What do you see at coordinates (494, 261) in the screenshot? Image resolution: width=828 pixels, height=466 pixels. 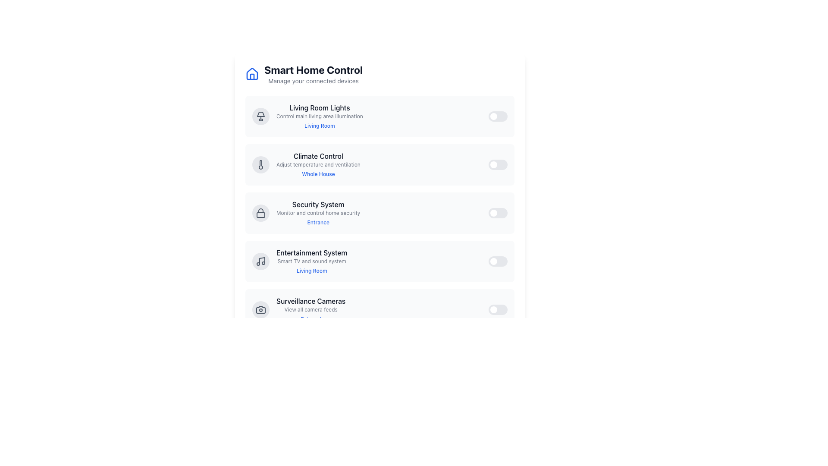 I see `the toggle switch handle, which is a small circular UI component resembling a toggle switch` at bounding box center [494, 261].